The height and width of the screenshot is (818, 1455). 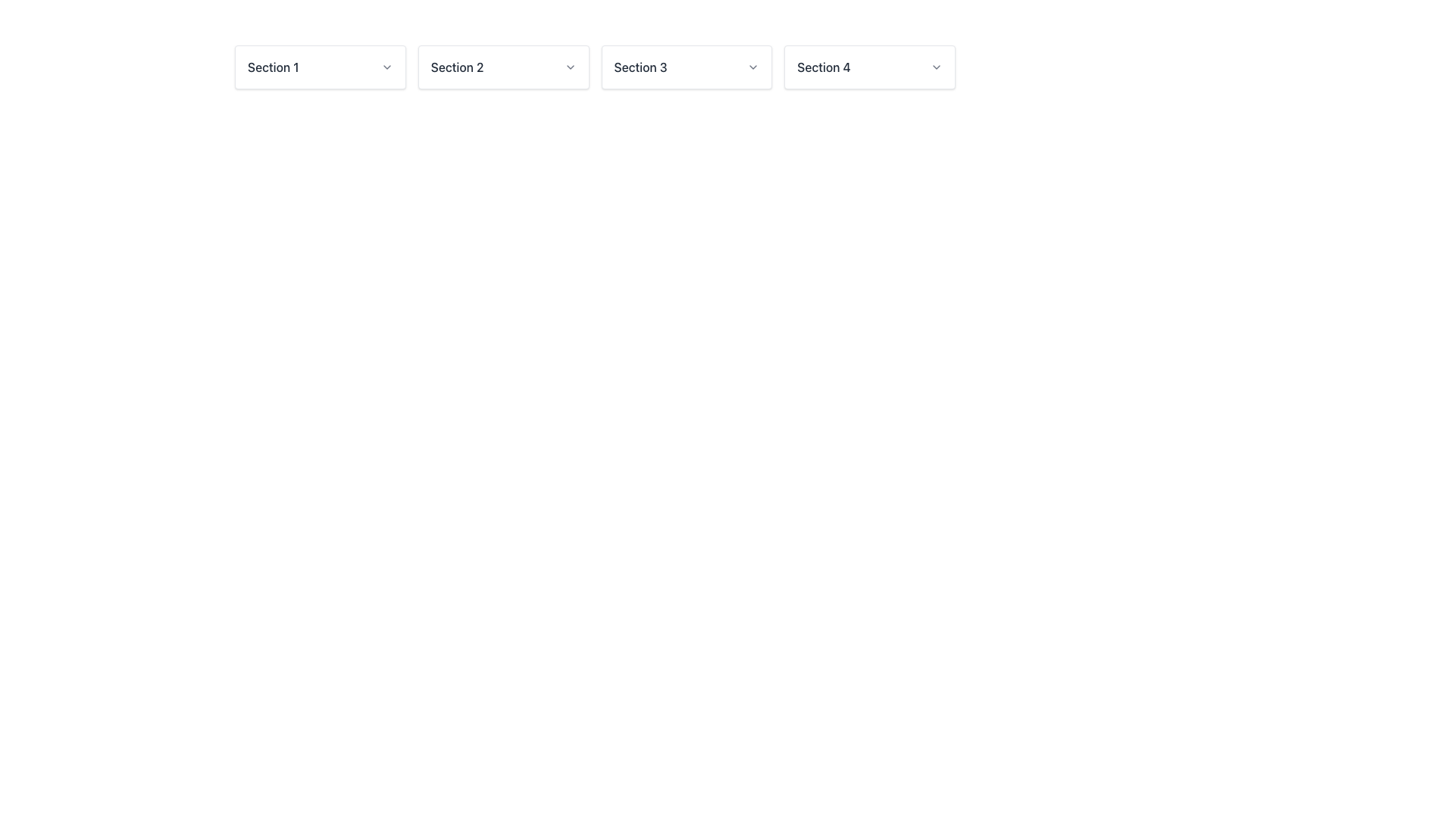 I want to click on the downward-facing chevron icon located beside the label 'Section 1', which is styled in a neutral gray color and has a modern thin-stroke design, so click(x=386, y=66).